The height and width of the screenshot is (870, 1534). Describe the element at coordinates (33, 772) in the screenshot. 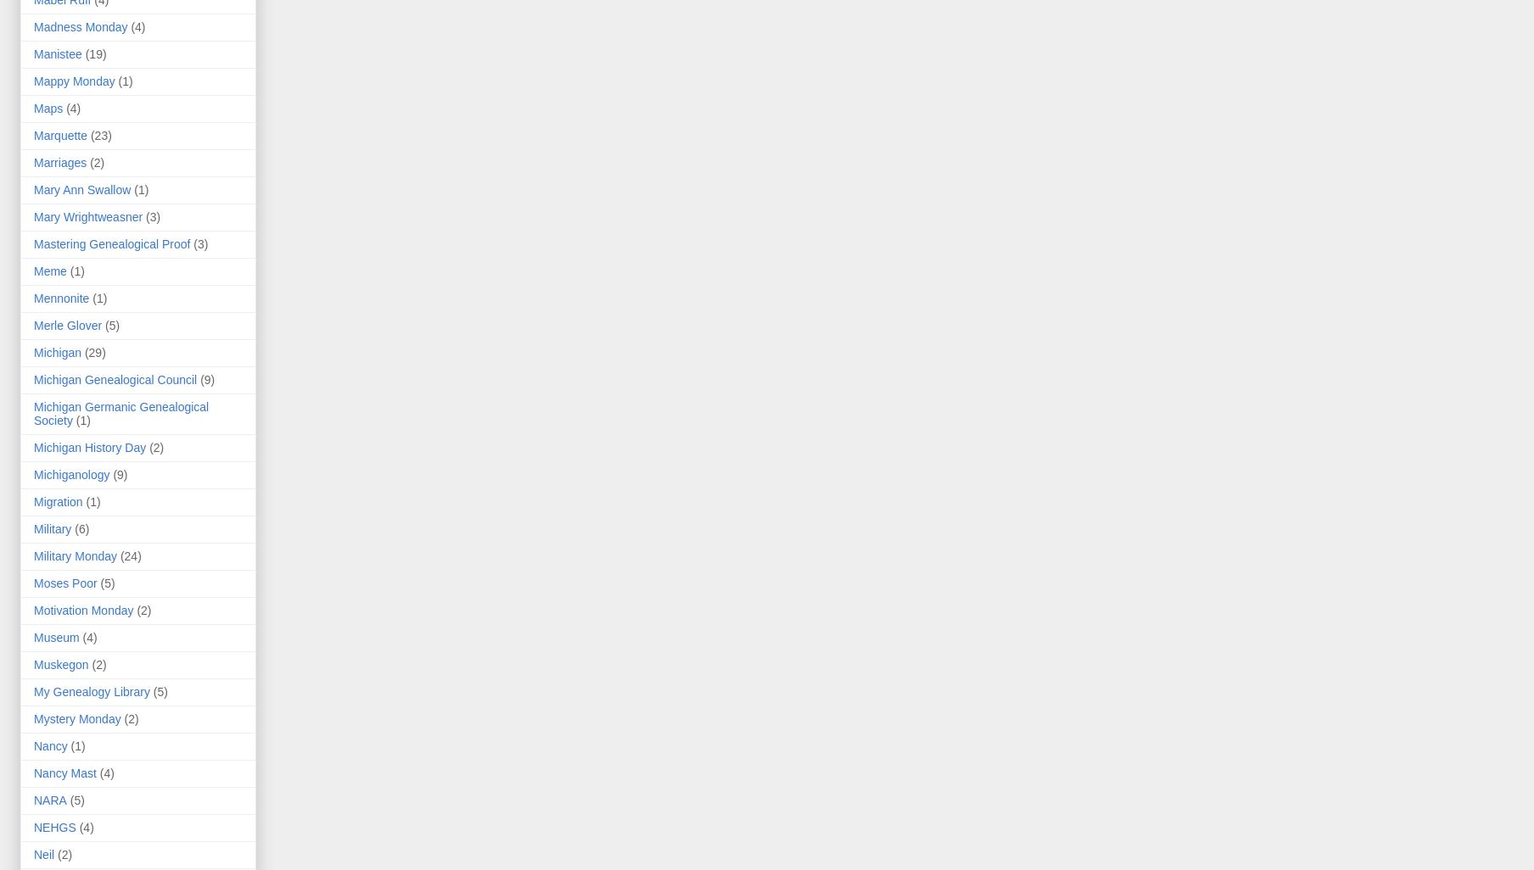

I see `'Nancy Mast'` at that location.